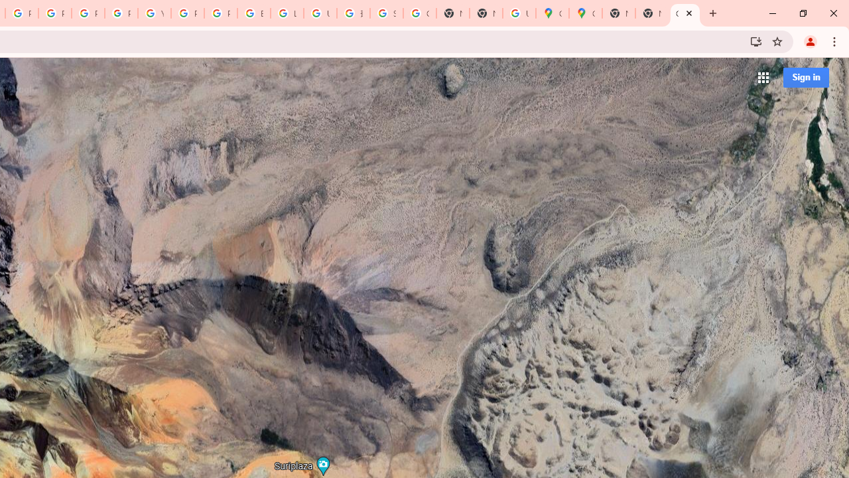 Image resolution: width=849 pixels, height=478 pixels. I want to click on 'Browse Chrome as a guest - Computer - Google Chrome Help', so click(254, 13).